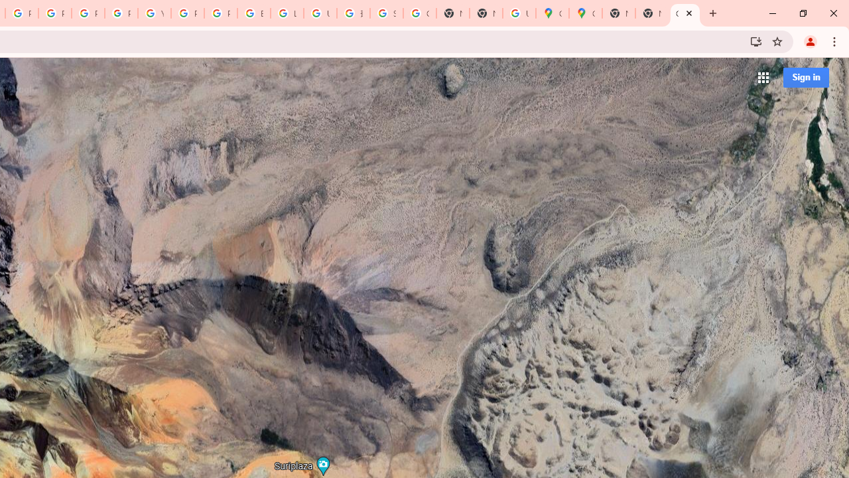 Image resolution: width=849 pixels, height=478 pixels. I want to click on 'Browse Chrome as a guest - Computer - Google Chrome Help', so click(254, 13).